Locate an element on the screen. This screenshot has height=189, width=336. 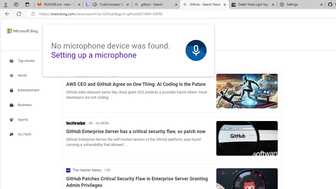
'github - Search' is located at coordinates (155, 4).